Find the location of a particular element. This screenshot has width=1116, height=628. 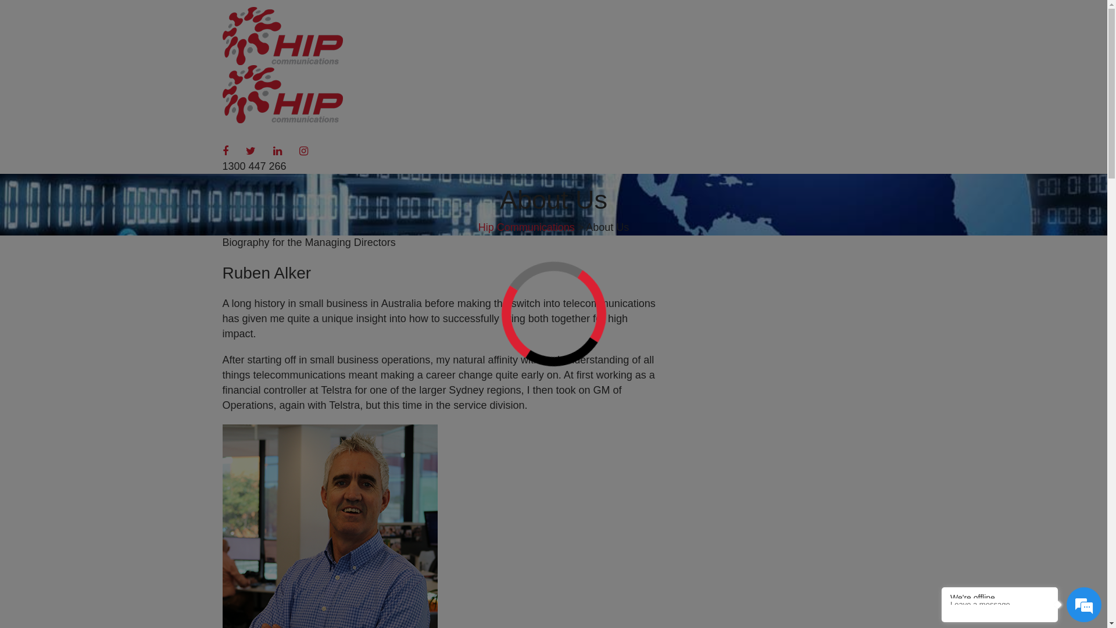

'linkedin' is located at coordinates (277, 150).